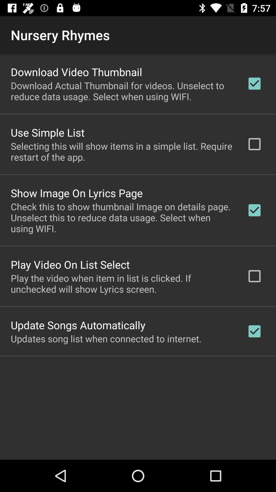 This screenshot has height=492, width=276. What do you see at coordinates (122, 151) in the screenshot?
I see `item above show image on` at bounding box center [122, 151].